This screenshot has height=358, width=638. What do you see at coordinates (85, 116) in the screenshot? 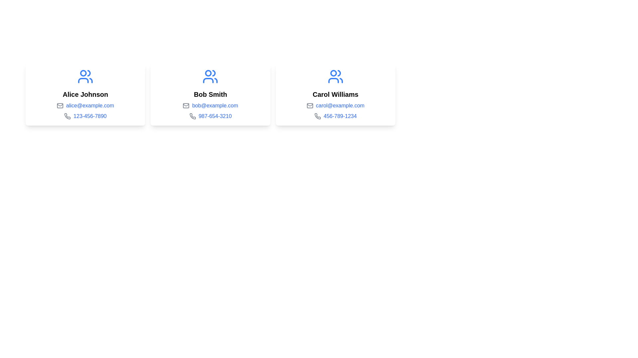
I see `the interactive hyperlink for the phone number '123-456-7890', which is styled in blue and underlined, to initiate a call` at bounding box center [85, 116].